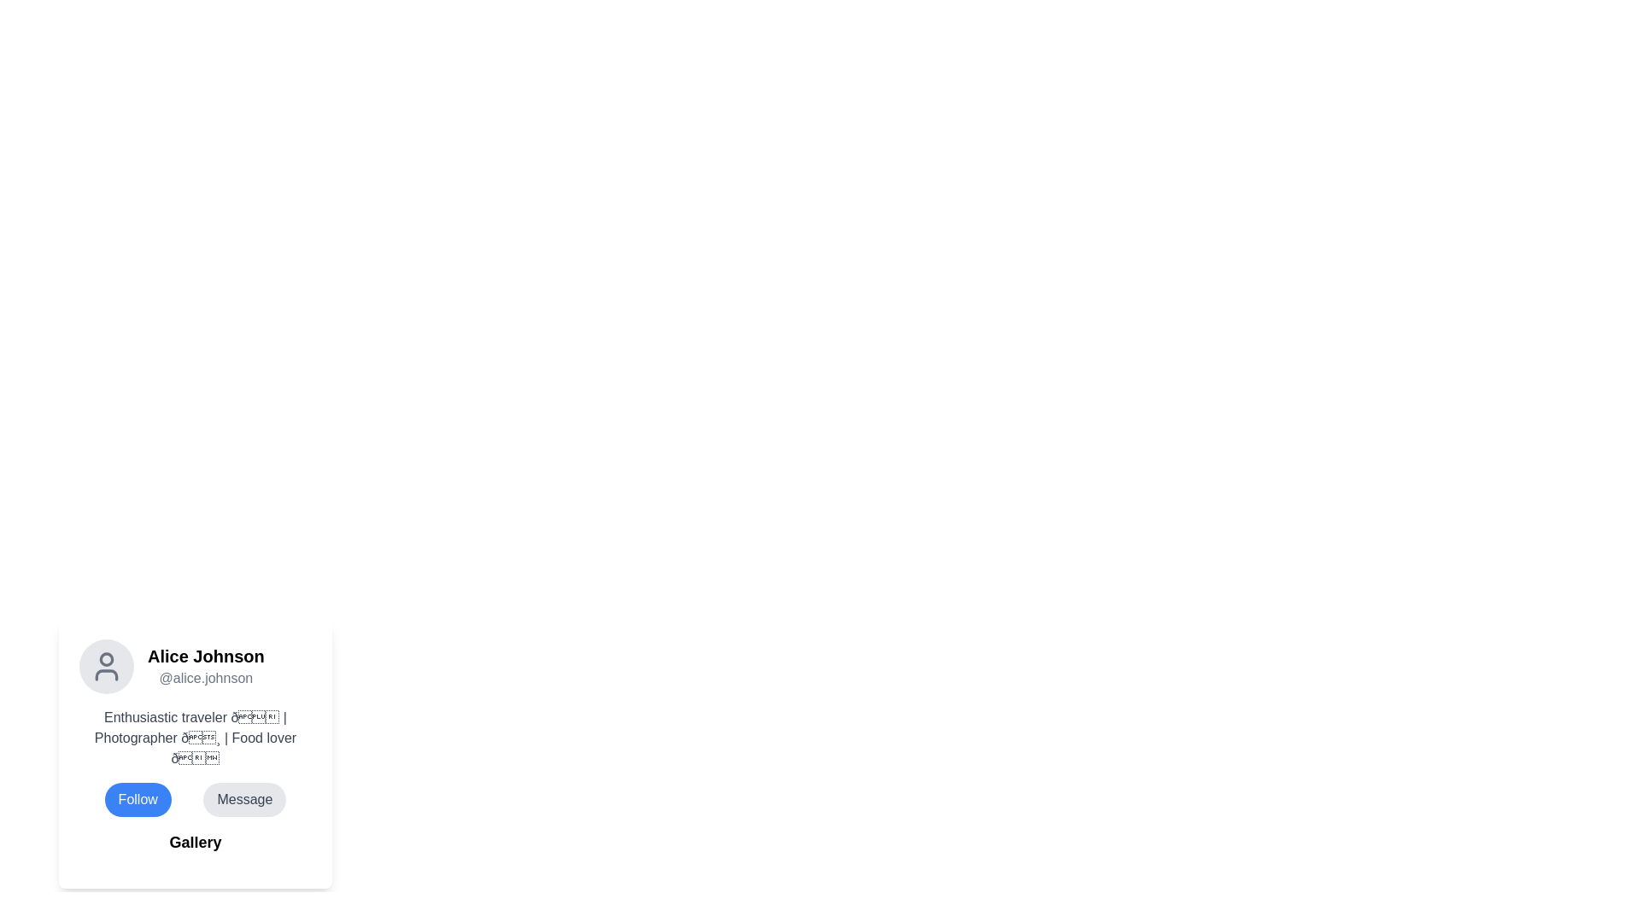 This screenshot has width=1640, height=922. What do you see at coordinates (105, 658) in the screenshot?
I see `the head graphic component in the user icon design, which is positioned at the top of the icon and above the shoulders` at bounding box center [105, 658].